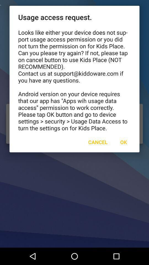 The height and width of the screenshot is (265, 149). Describe the element at coordinates (123, 142) in the screenshot. I see `the icon next to the cancel icon` at that location.